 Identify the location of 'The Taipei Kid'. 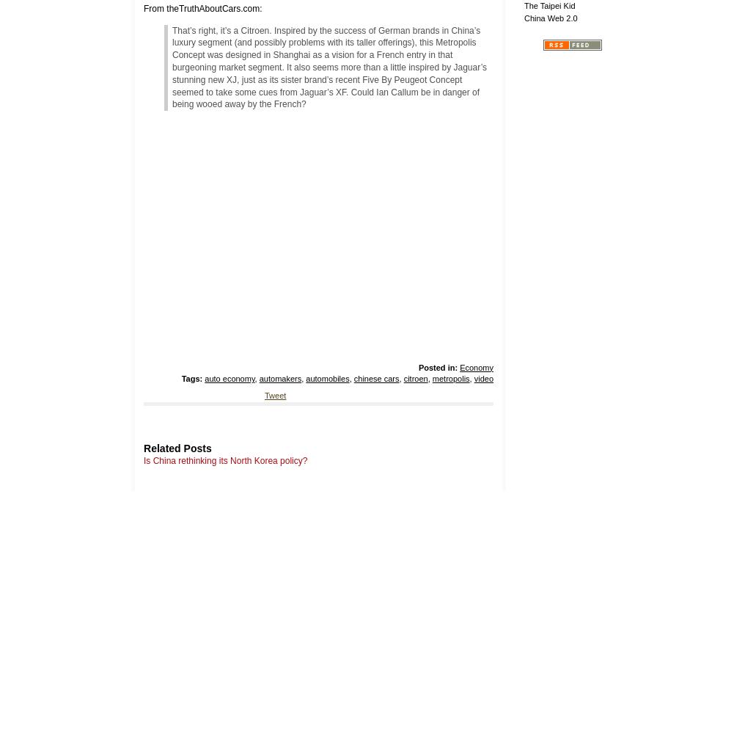
(524, 6).